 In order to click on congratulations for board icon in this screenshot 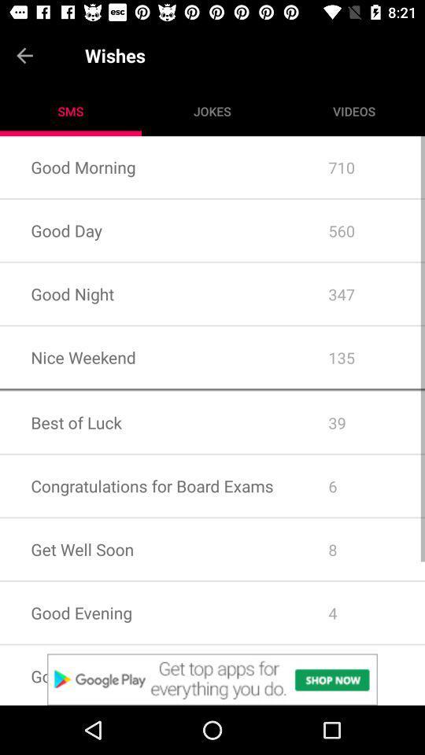, I will do `click(149, 485)`.